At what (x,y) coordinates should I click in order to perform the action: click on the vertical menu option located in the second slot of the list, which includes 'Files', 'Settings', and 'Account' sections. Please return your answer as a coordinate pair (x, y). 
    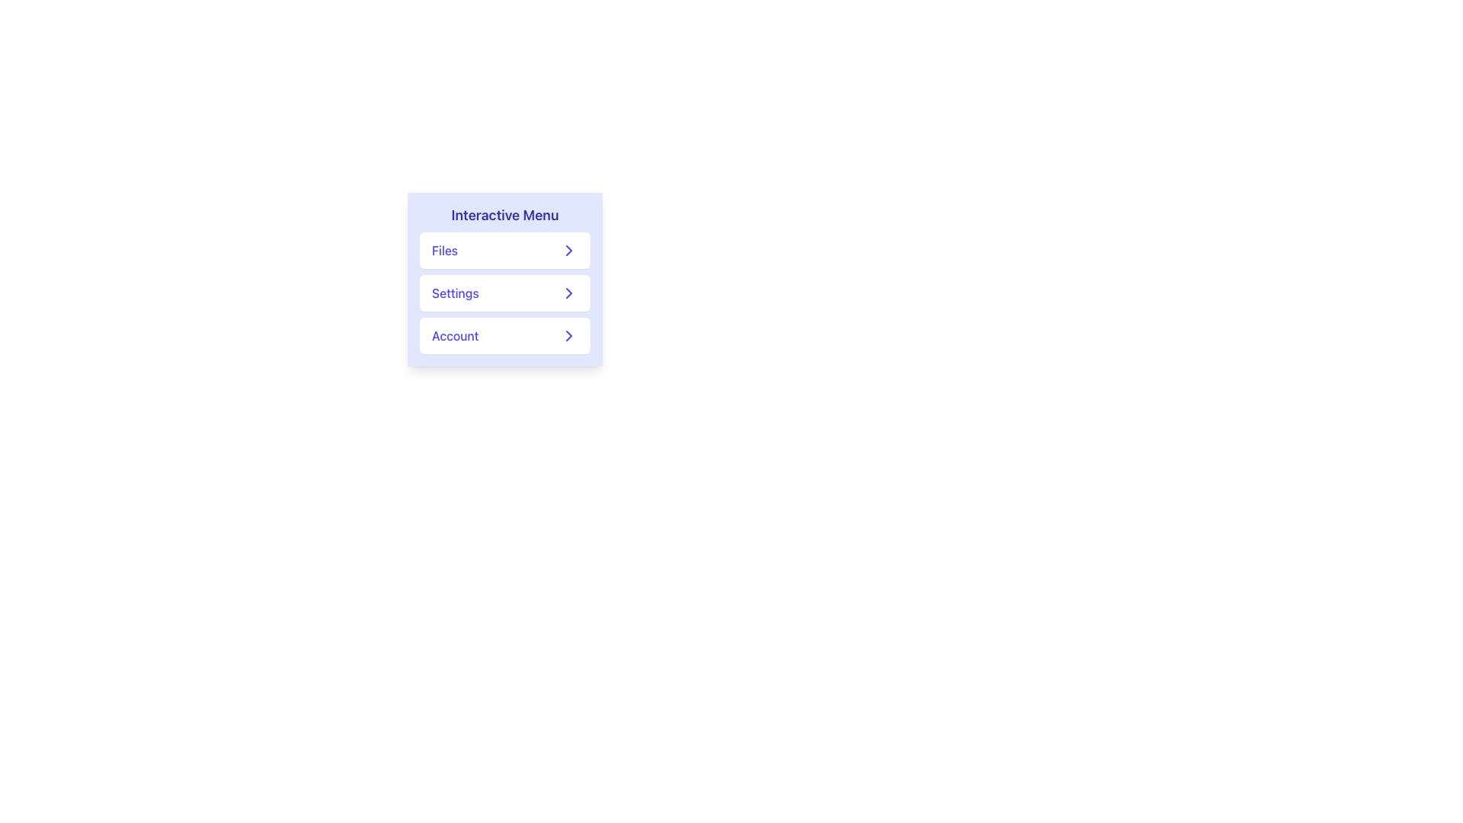
    Looking at the image, I should click on (504, 293).